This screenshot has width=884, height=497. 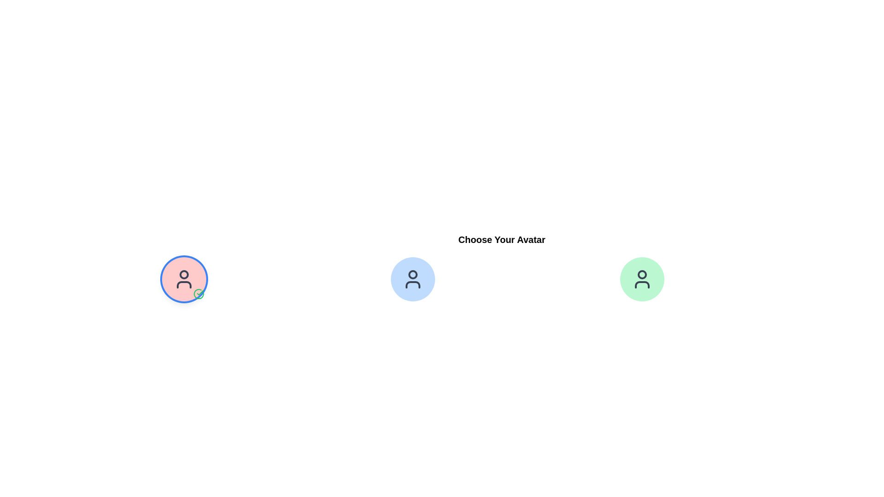 What do you see at coordinates (198, 294) in the screenshot?
I see `the status icon located at the bottom-right of the circular pink background that accompanies the user icon` at bounding box center [198, 294].